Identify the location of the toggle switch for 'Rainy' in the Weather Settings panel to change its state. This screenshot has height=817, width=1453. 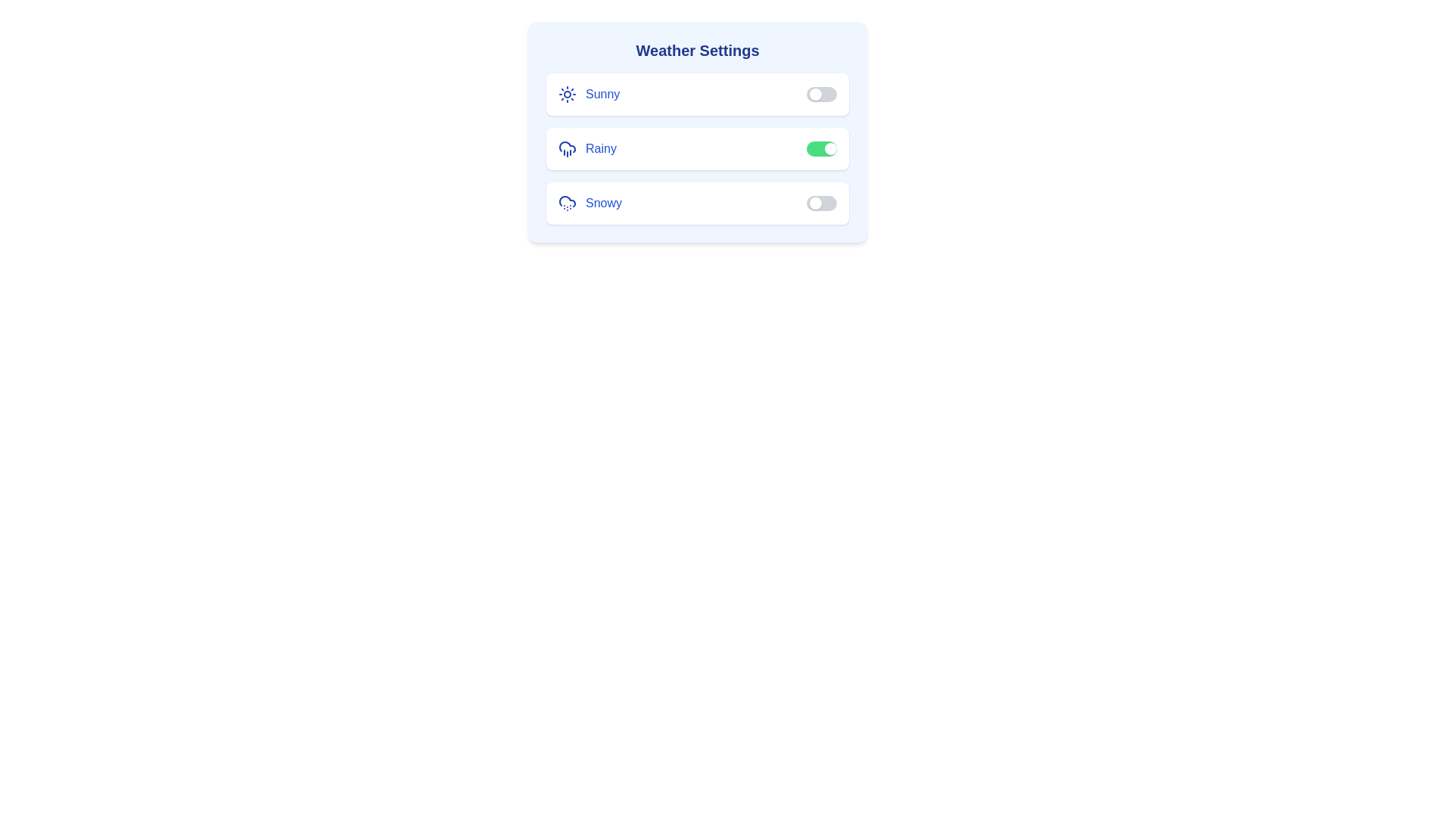
(696, 131).